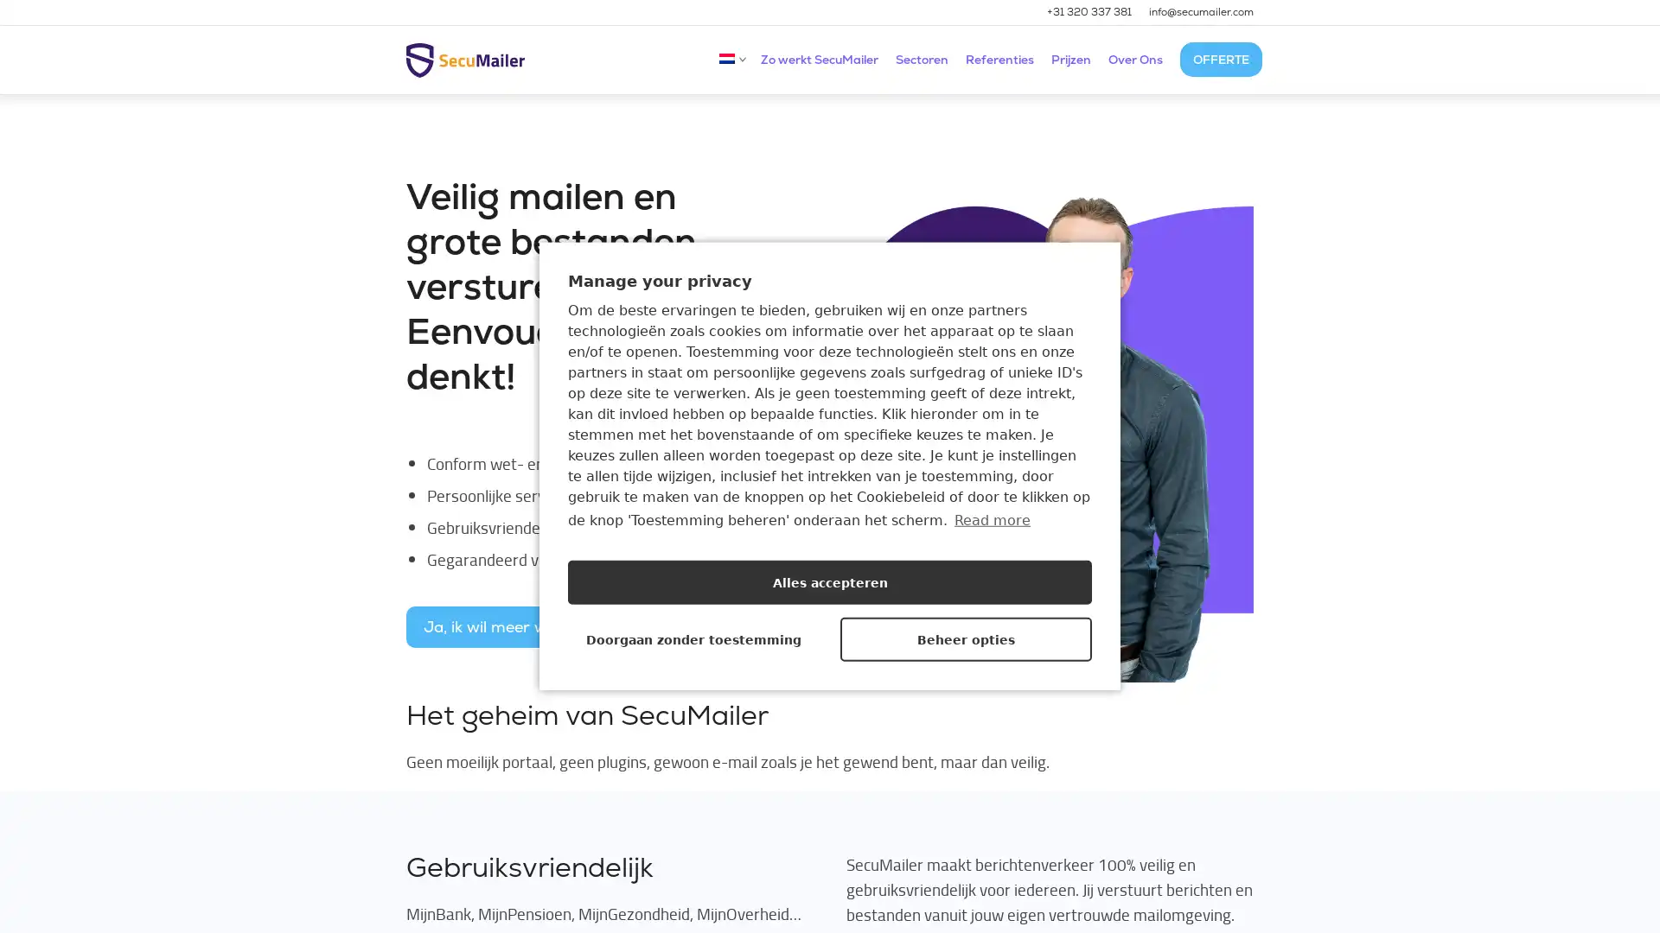  What do you see at coordinates (965, 639) in the screenshot?
I see `Beheer opties` at bounding box center [965, 639].